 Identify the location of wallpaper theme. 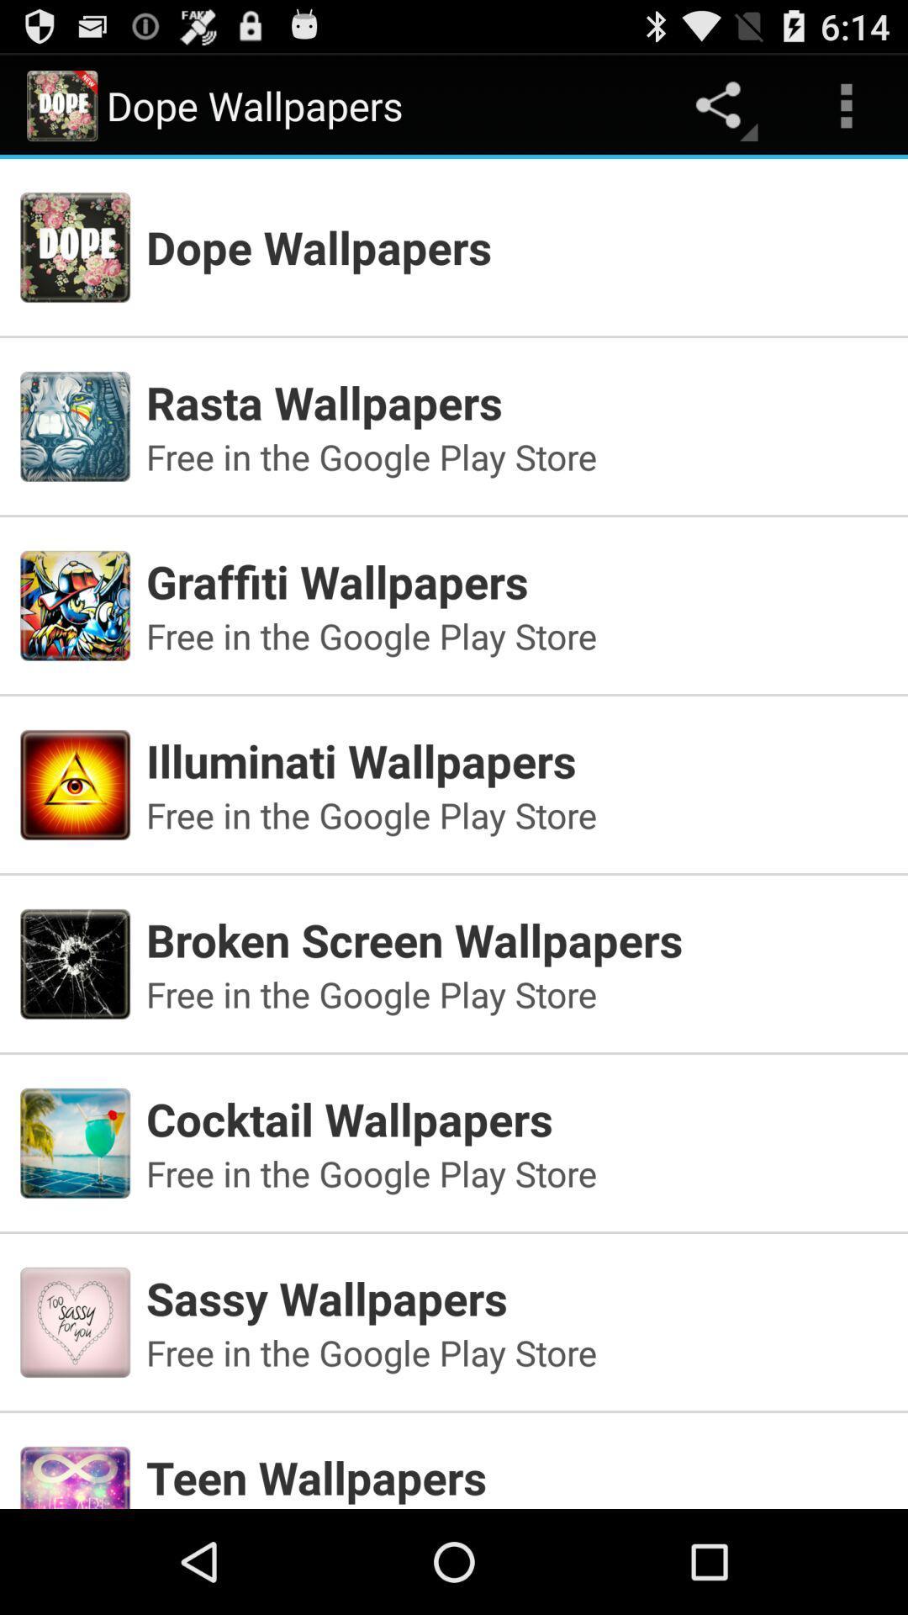
(454, 1453).